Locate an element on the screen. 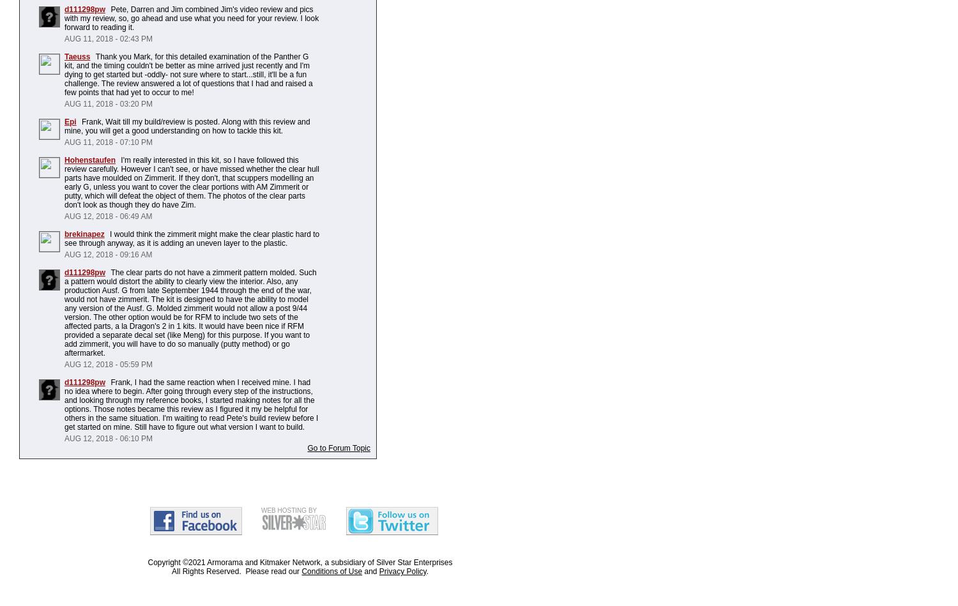  'AUG 12, 2018 - 06:10 PM' is located at coordinates (108, 438).